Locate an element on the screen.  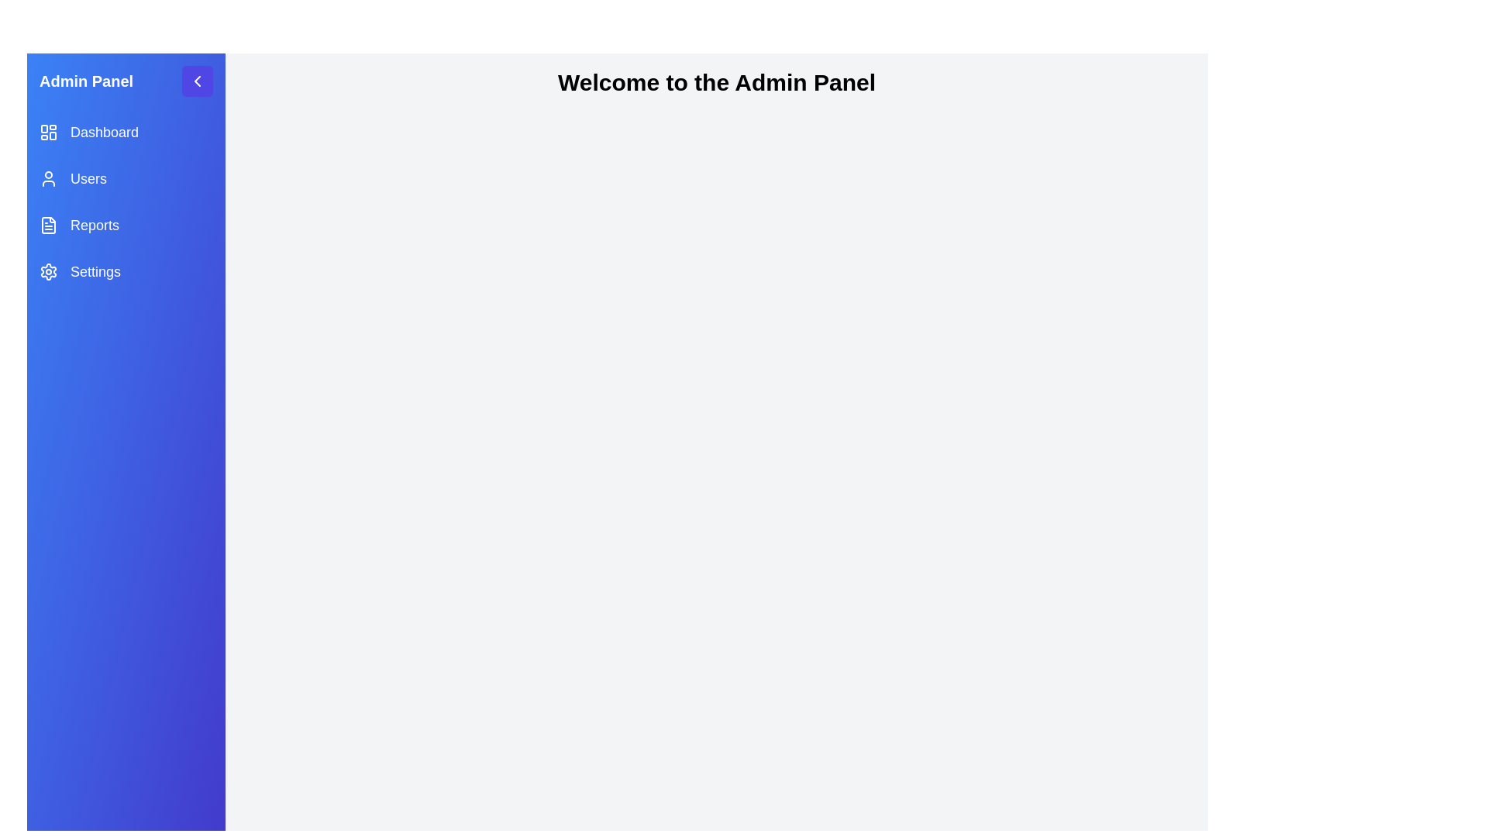
the 'Users' text label in the left sidebar, located below 'Dashboard' and above 'Reports' is located at coordinates (88, 178).